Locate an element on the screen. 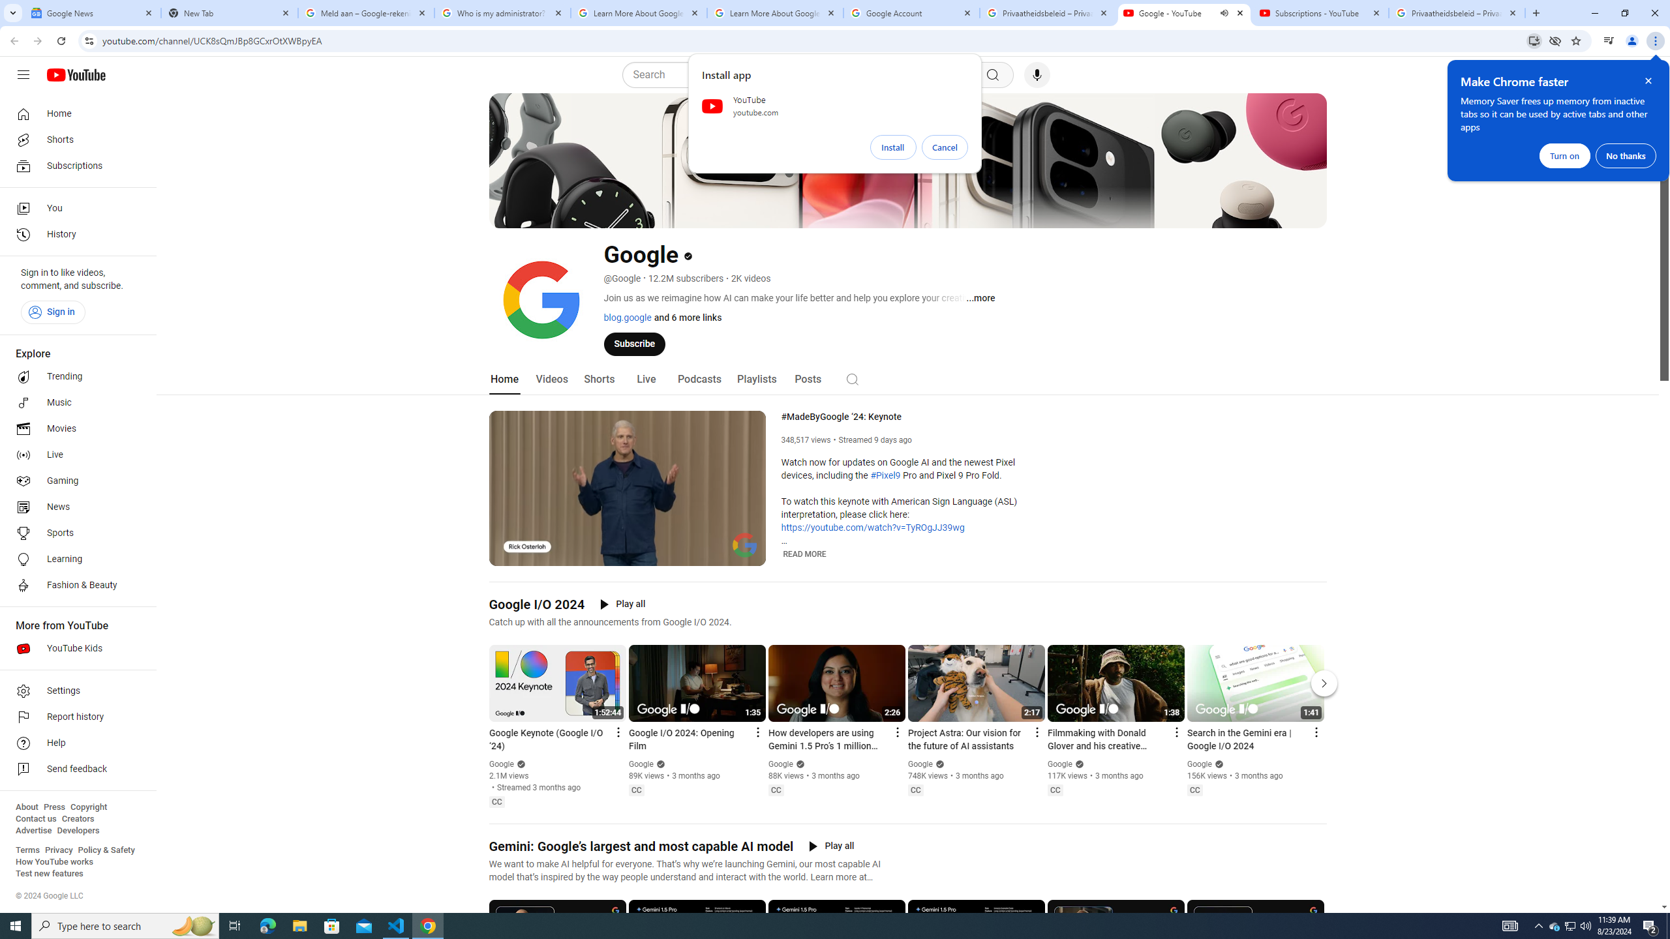  'Posts' is located at coordinates (806, 379).